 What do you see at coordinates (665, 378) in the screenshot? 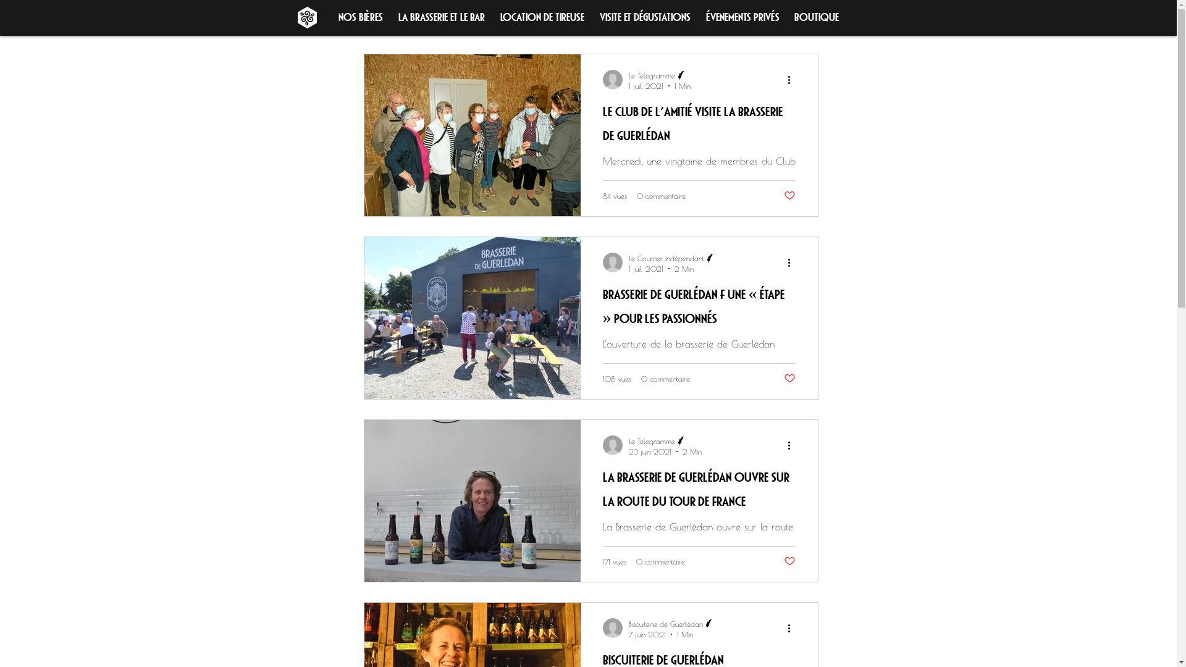
I see `'0 commentaire'` at bounding box center [665, 378].